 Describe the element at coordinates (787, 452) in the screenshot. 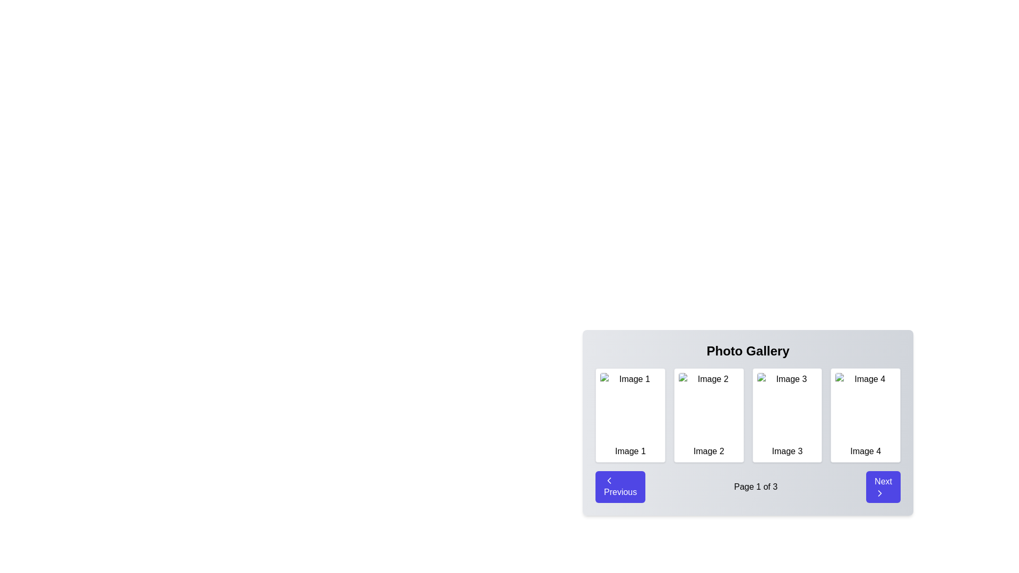

I see `the static text label that identifies the image placeholder with the text 'Image 3', located in the third card of the horizontal set of image cards` at that location.